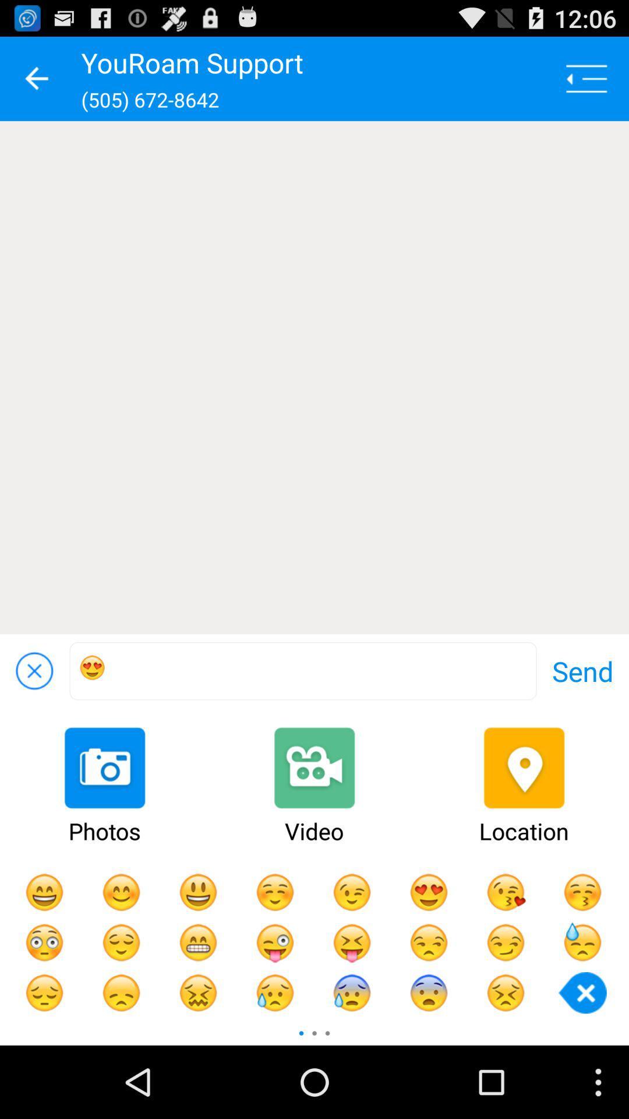  I want to click on app next to the send icon, so click(302, 671).